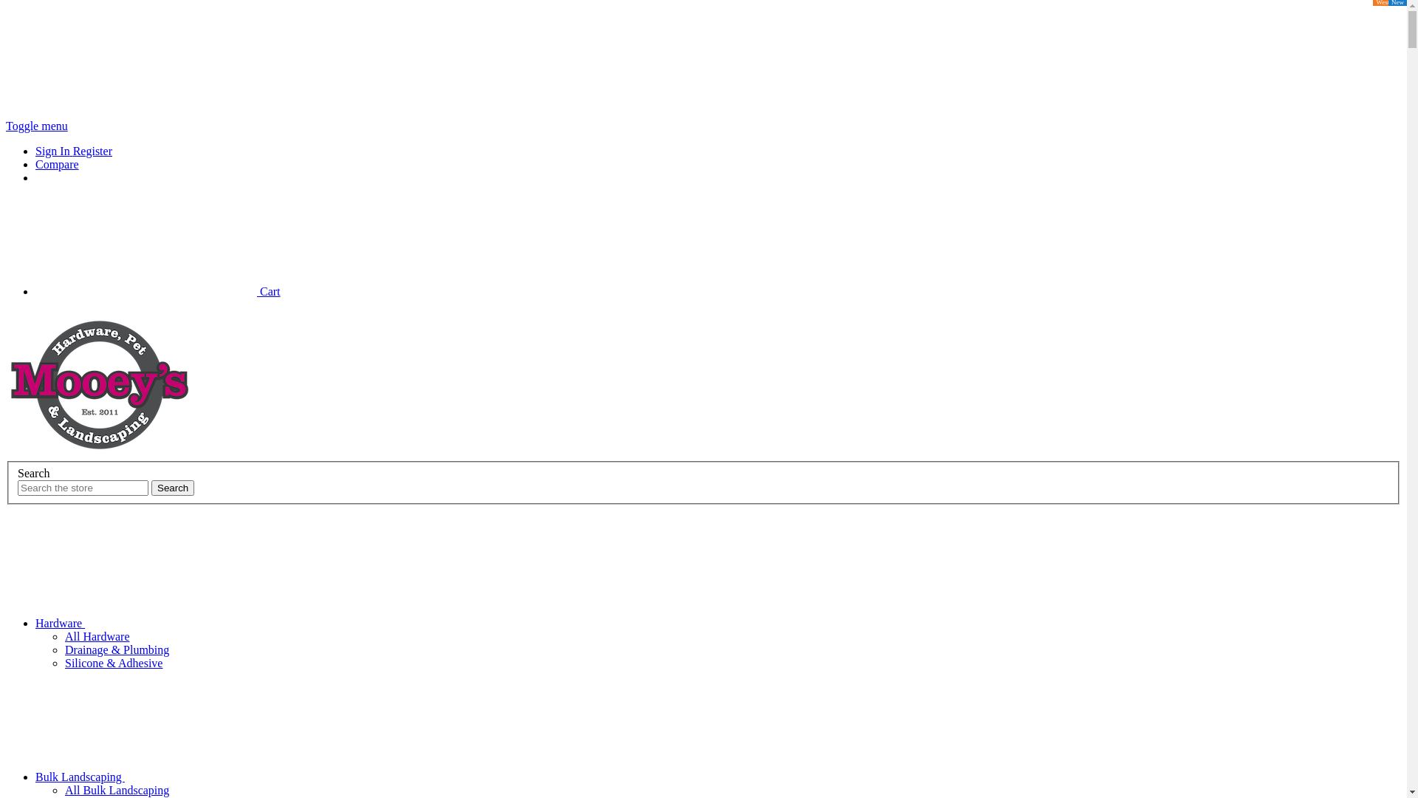 The height and width of the screenshot is (798, 1418). Describe the element at coordinates (35, 776) in the screenshot. I see `'Bulk Landscaping'` at that location.